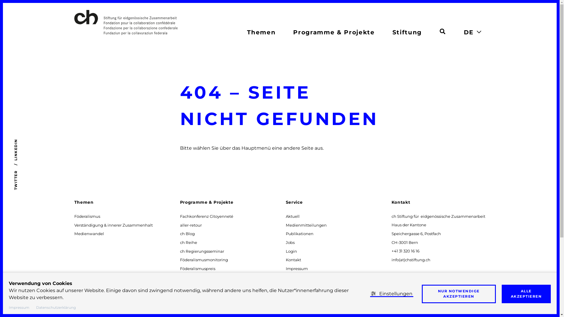 The width and height of the screenshot is (564, 317). Describe the element at coordinates (188, 242) in the screenshot. I see `'ch Reihe'` at that location.